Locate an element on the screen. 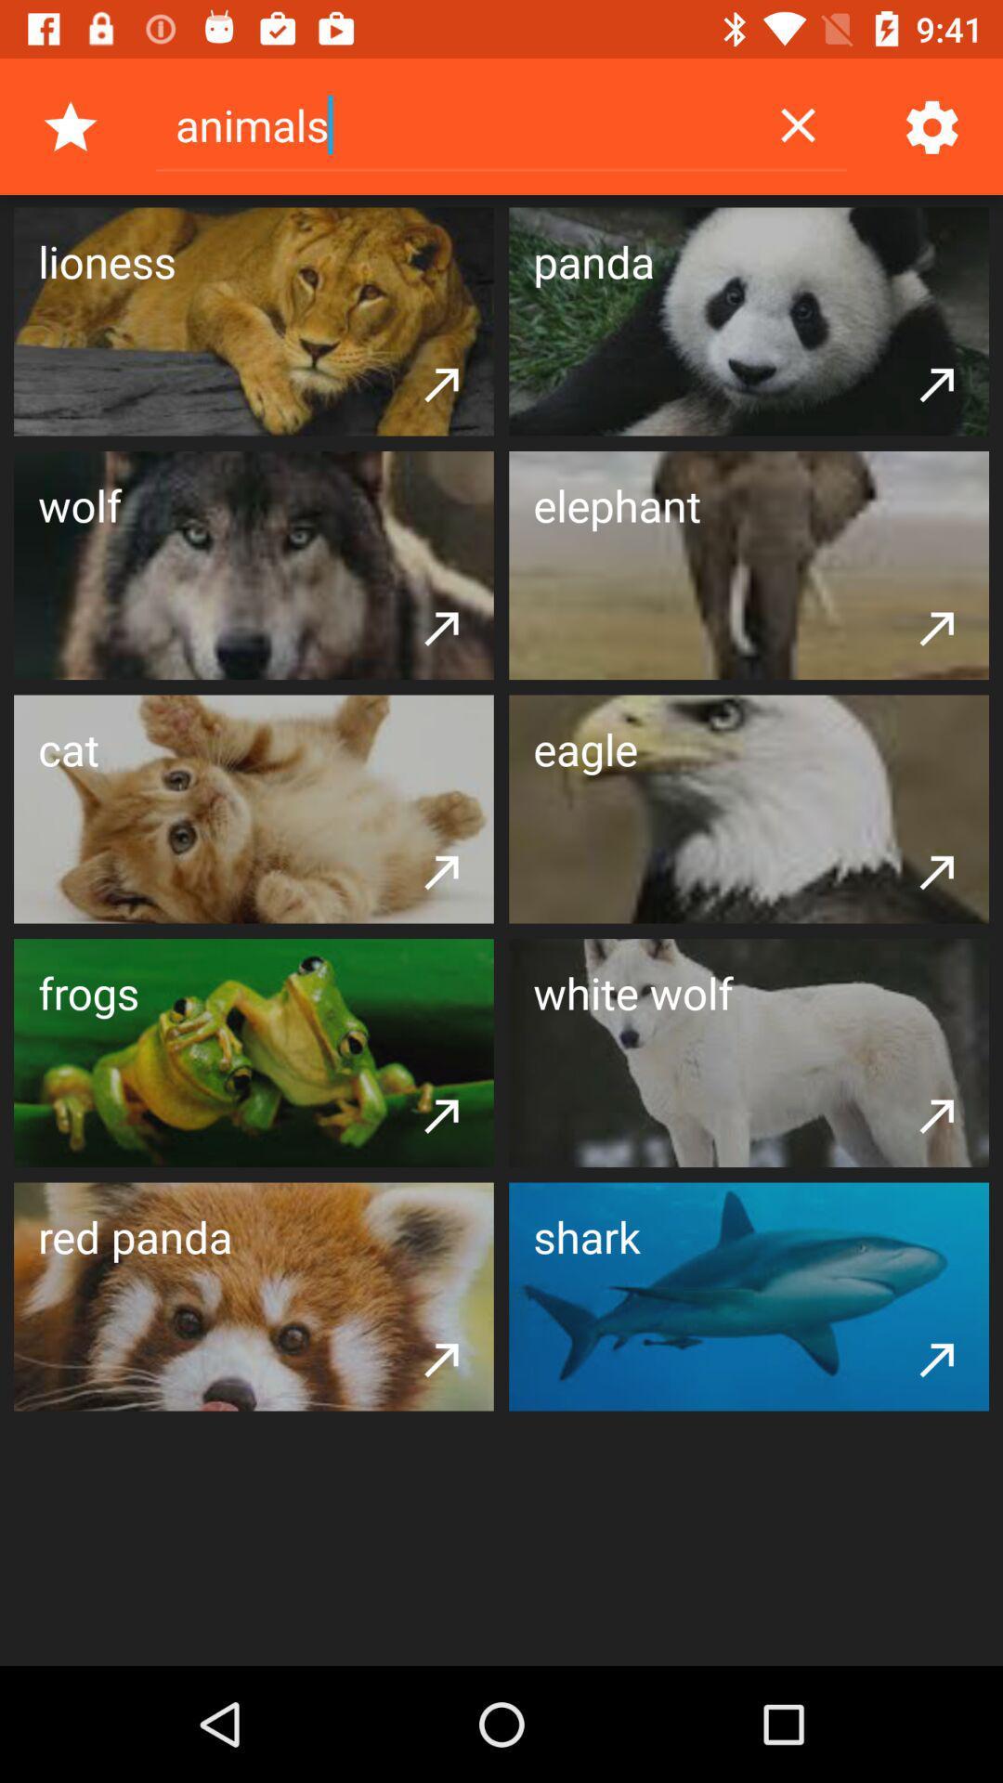 The image size is (1003, 1783). the icon below the red panda is located at coordinates (442, 1359).